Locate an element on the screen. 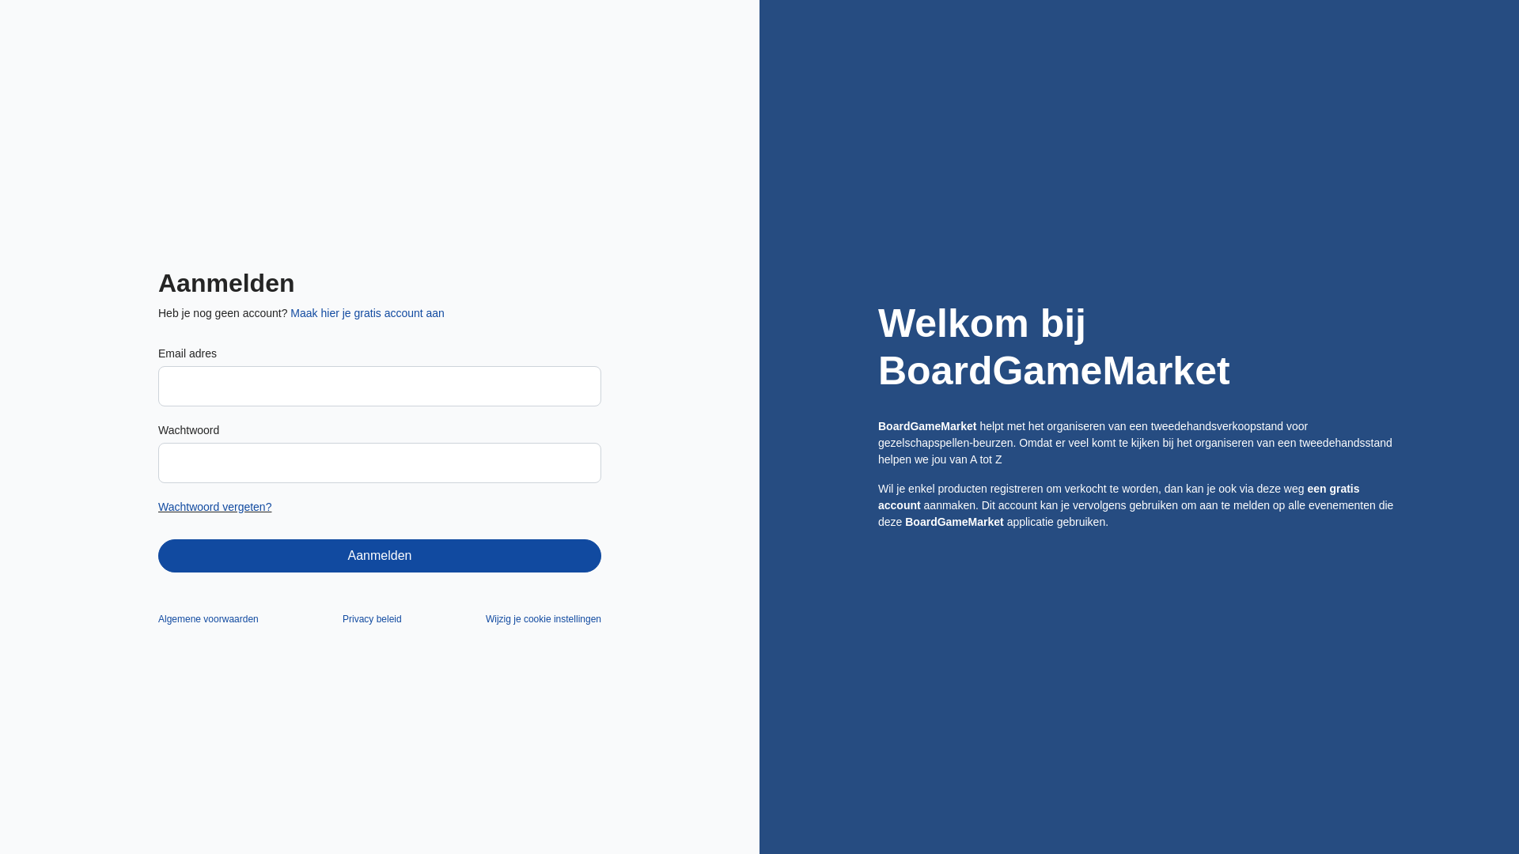  'Wijzig je cookie instellingen' is located at coordinates (543, 618).